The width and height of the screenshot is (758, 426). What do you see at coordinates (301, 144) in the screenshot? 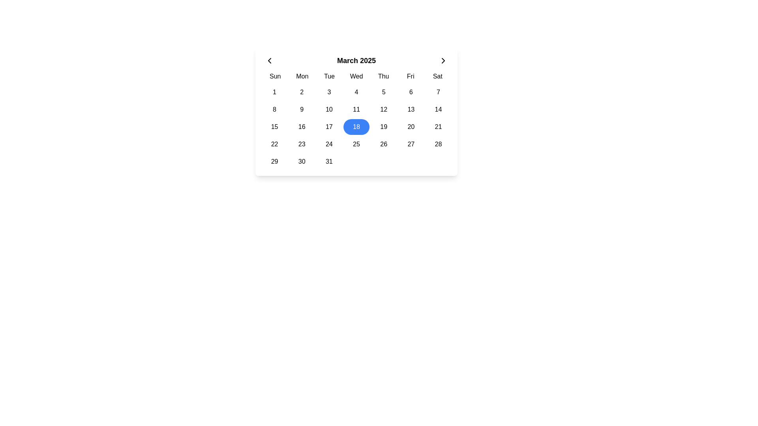
I see `the button representing the '23rd' day of the calendar month, located in the fourth row and second column of the grid layout` at bounding box center [301, 144].